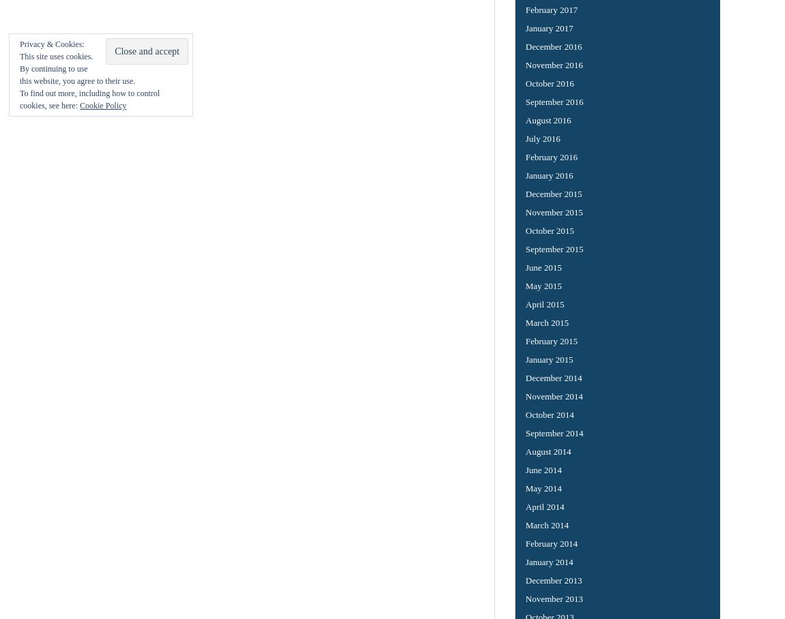 Image resolution: width=785 pixels, height=619 pixels. I want to click on 'Cookie Policy', so click(78, 104).